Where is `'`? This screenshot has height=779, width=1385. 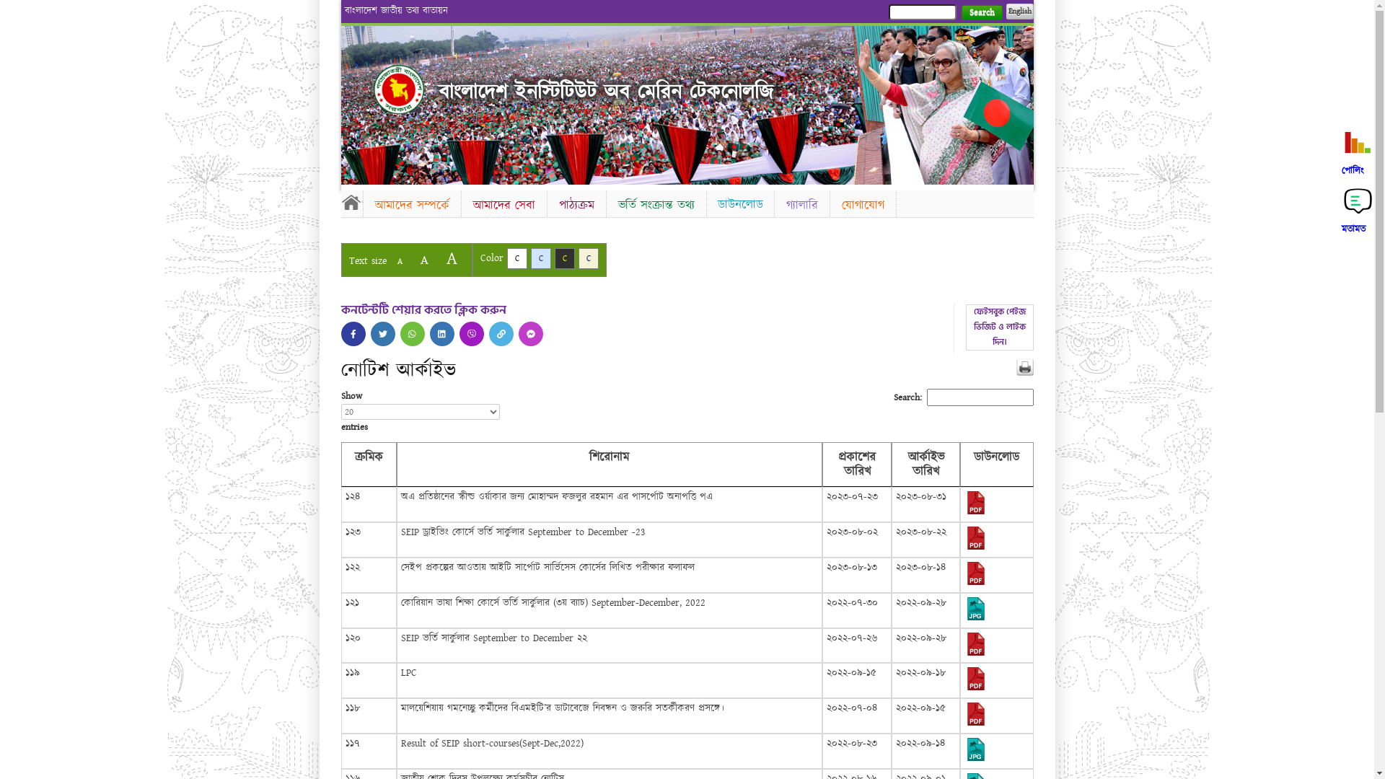
' is located at coordinates (428, 333).